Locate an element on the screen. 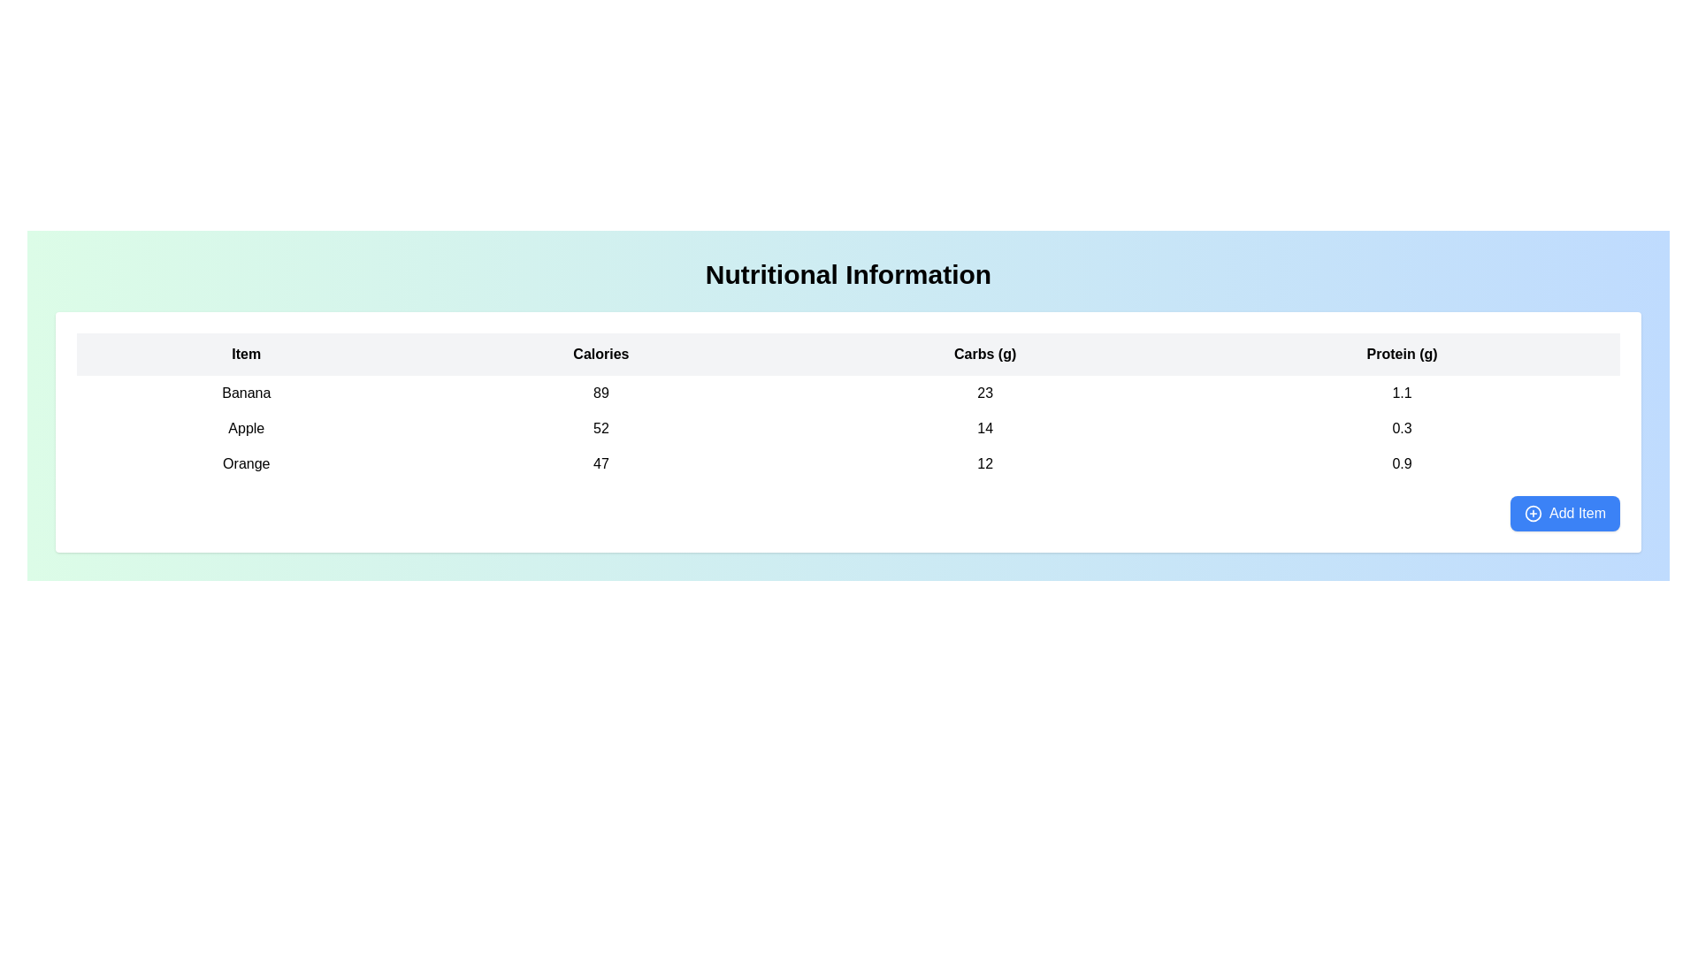 This screenshot has height=955, width=1698. the text label displaying 'Banana', which is located in the first row and first column of a data table under the 'Item' heading is located at coordinates (245, 392).